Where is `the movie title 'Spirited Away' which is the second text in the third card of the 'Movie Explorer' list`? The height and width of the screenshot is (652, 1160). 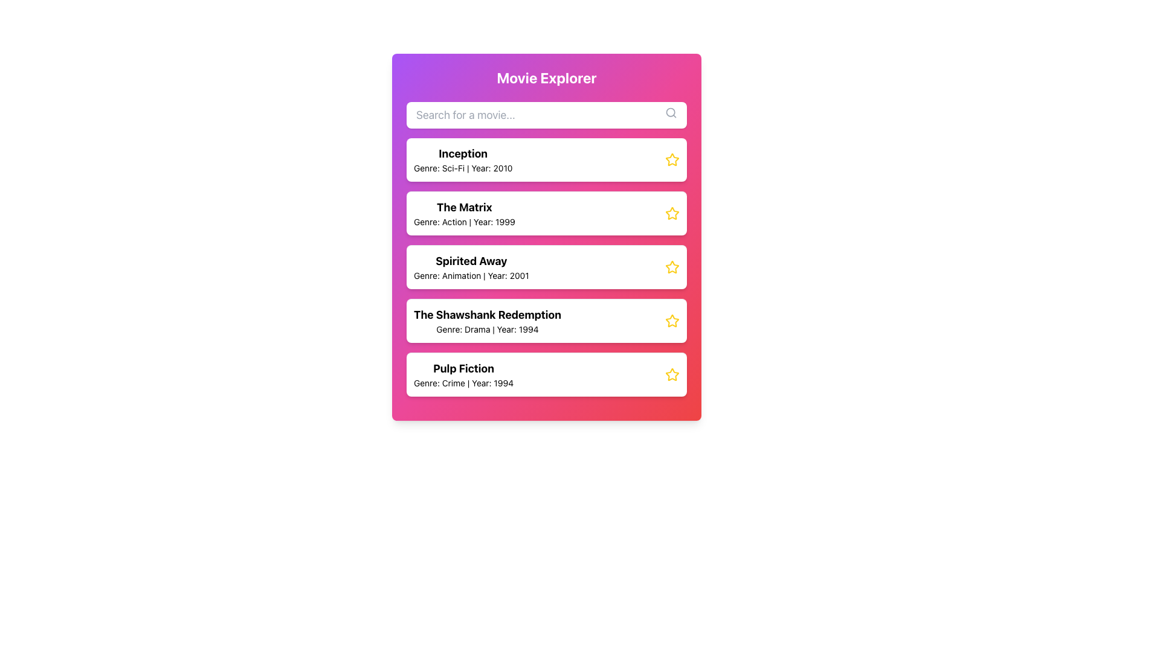 the movie title 'Spirited Away' which is the second text in the third card of the 'Movie Explorer' list is located at coordinates (471, 267).